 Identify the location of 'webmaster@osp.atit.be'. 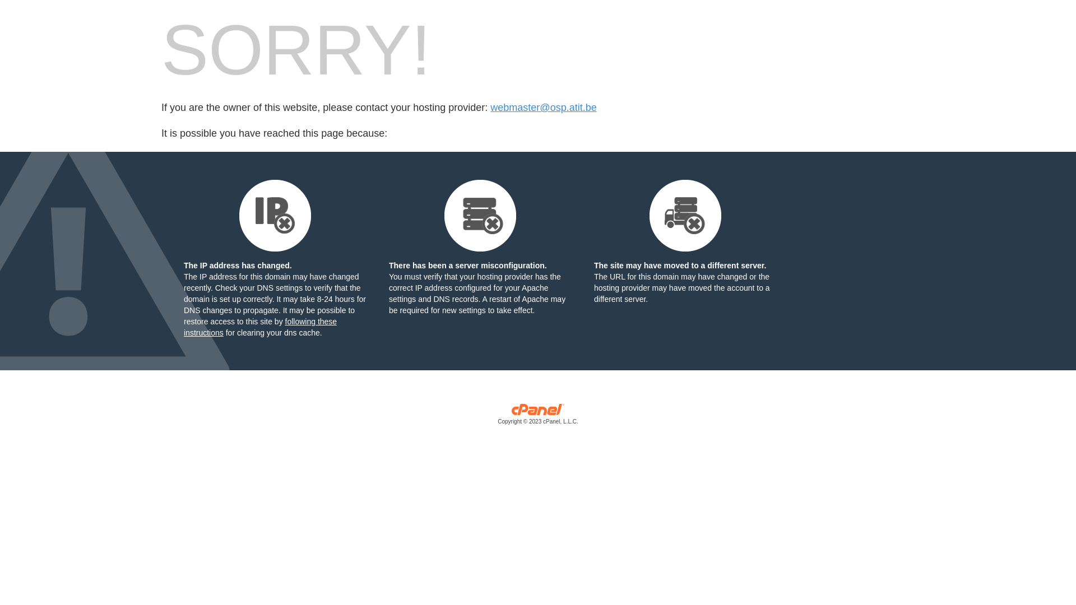
(490, 108).